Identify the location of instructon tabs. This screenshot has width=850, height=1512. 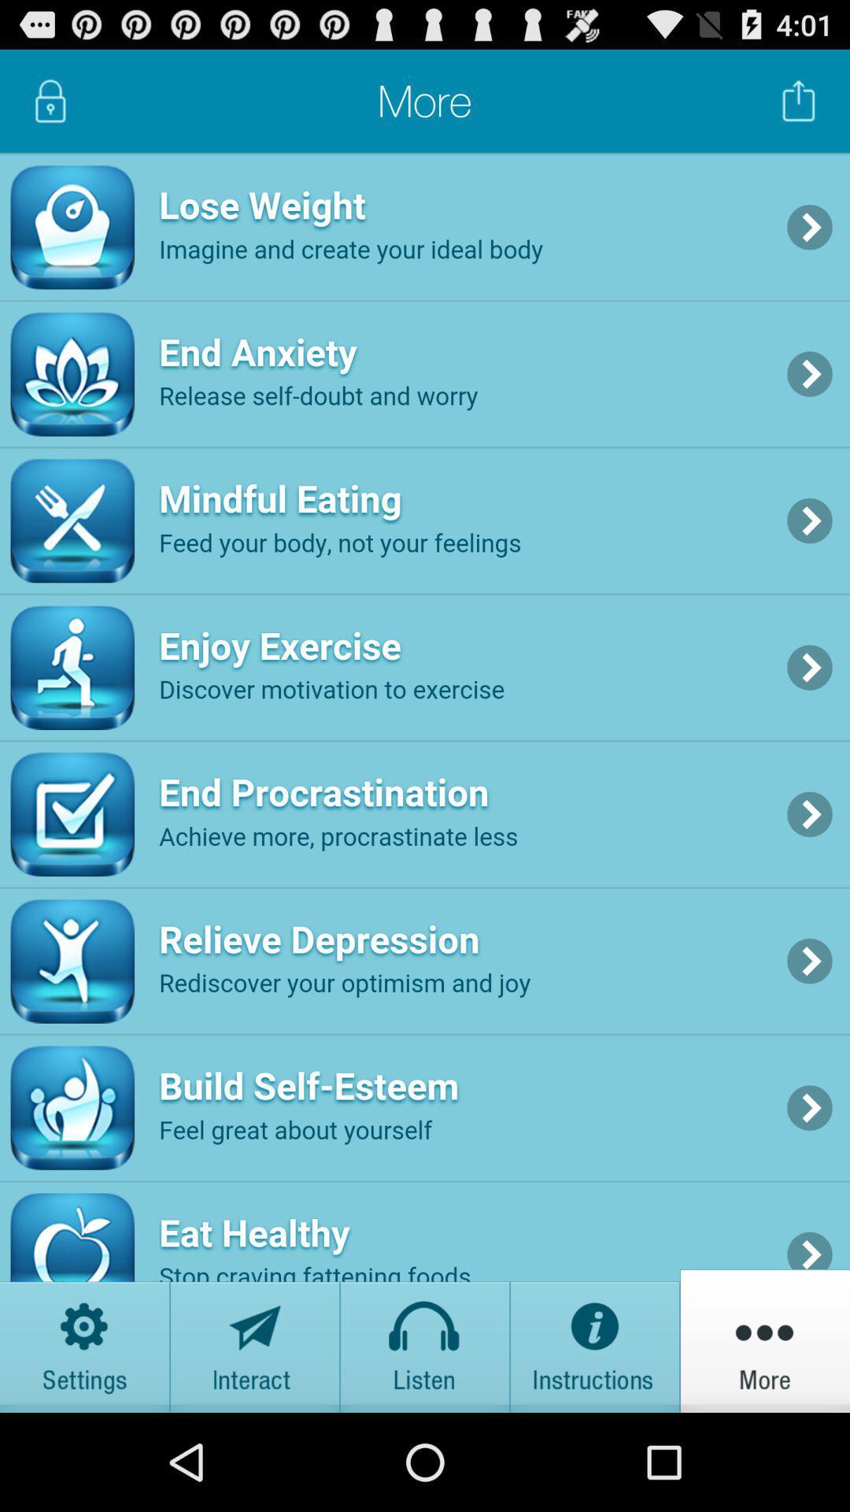
(595, 1340).